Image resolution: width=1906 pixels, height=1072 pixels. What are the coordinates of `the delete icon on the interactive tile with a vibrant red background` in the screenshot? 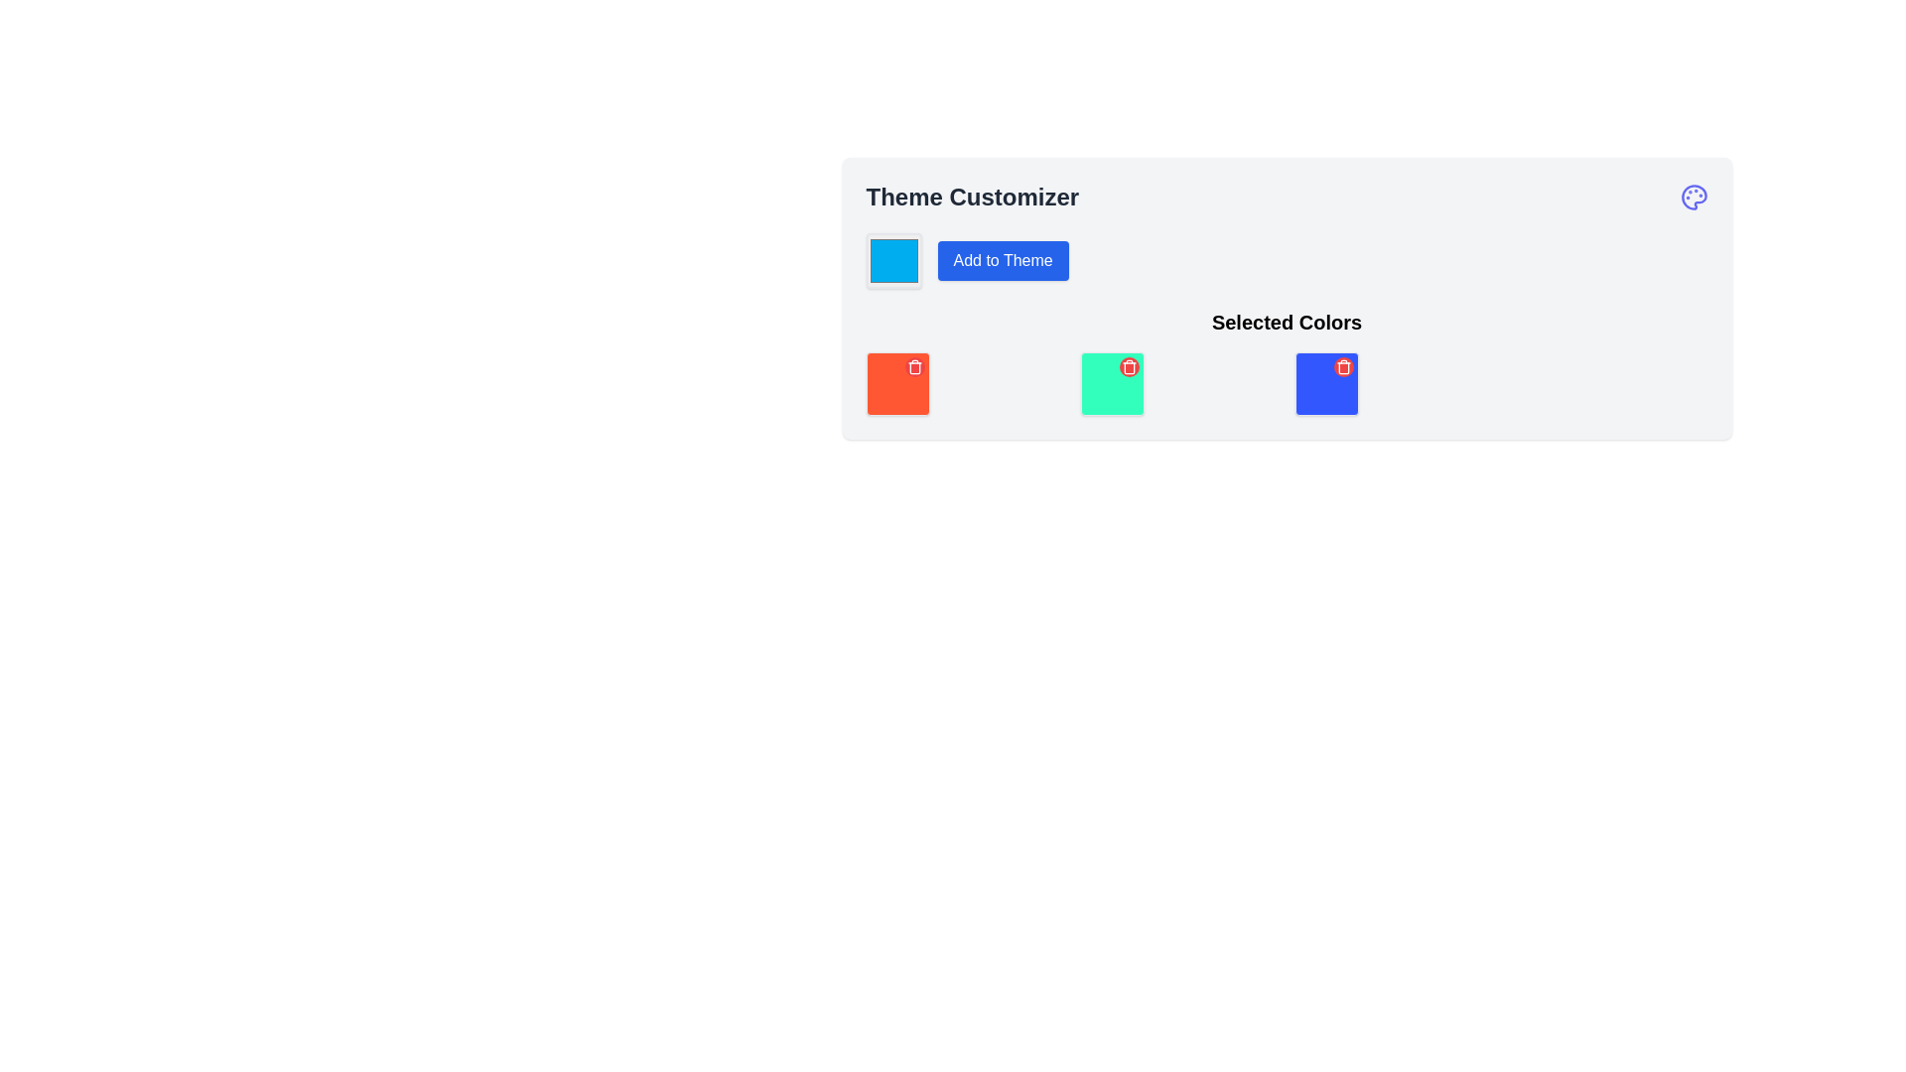 It's located at (896, 383).